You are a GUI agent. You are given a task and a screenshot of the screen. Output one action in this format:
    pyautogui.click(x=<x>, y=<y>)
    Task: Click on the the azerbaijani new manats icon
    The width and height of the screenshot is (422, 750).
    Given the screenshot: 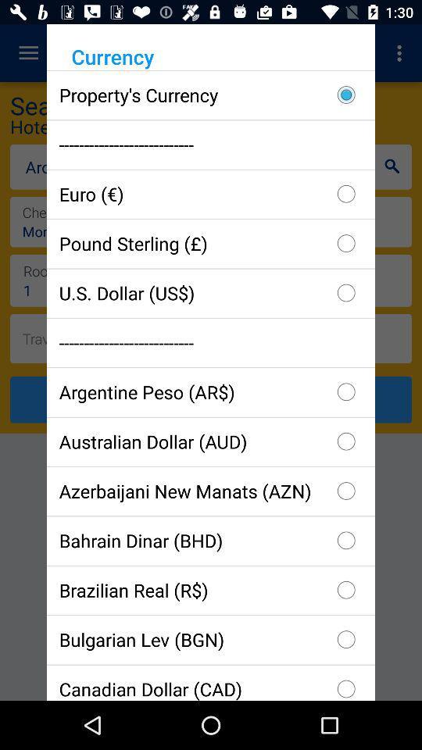 What is the action you would take?
    pyautogui.click(x=211, y=490)
    